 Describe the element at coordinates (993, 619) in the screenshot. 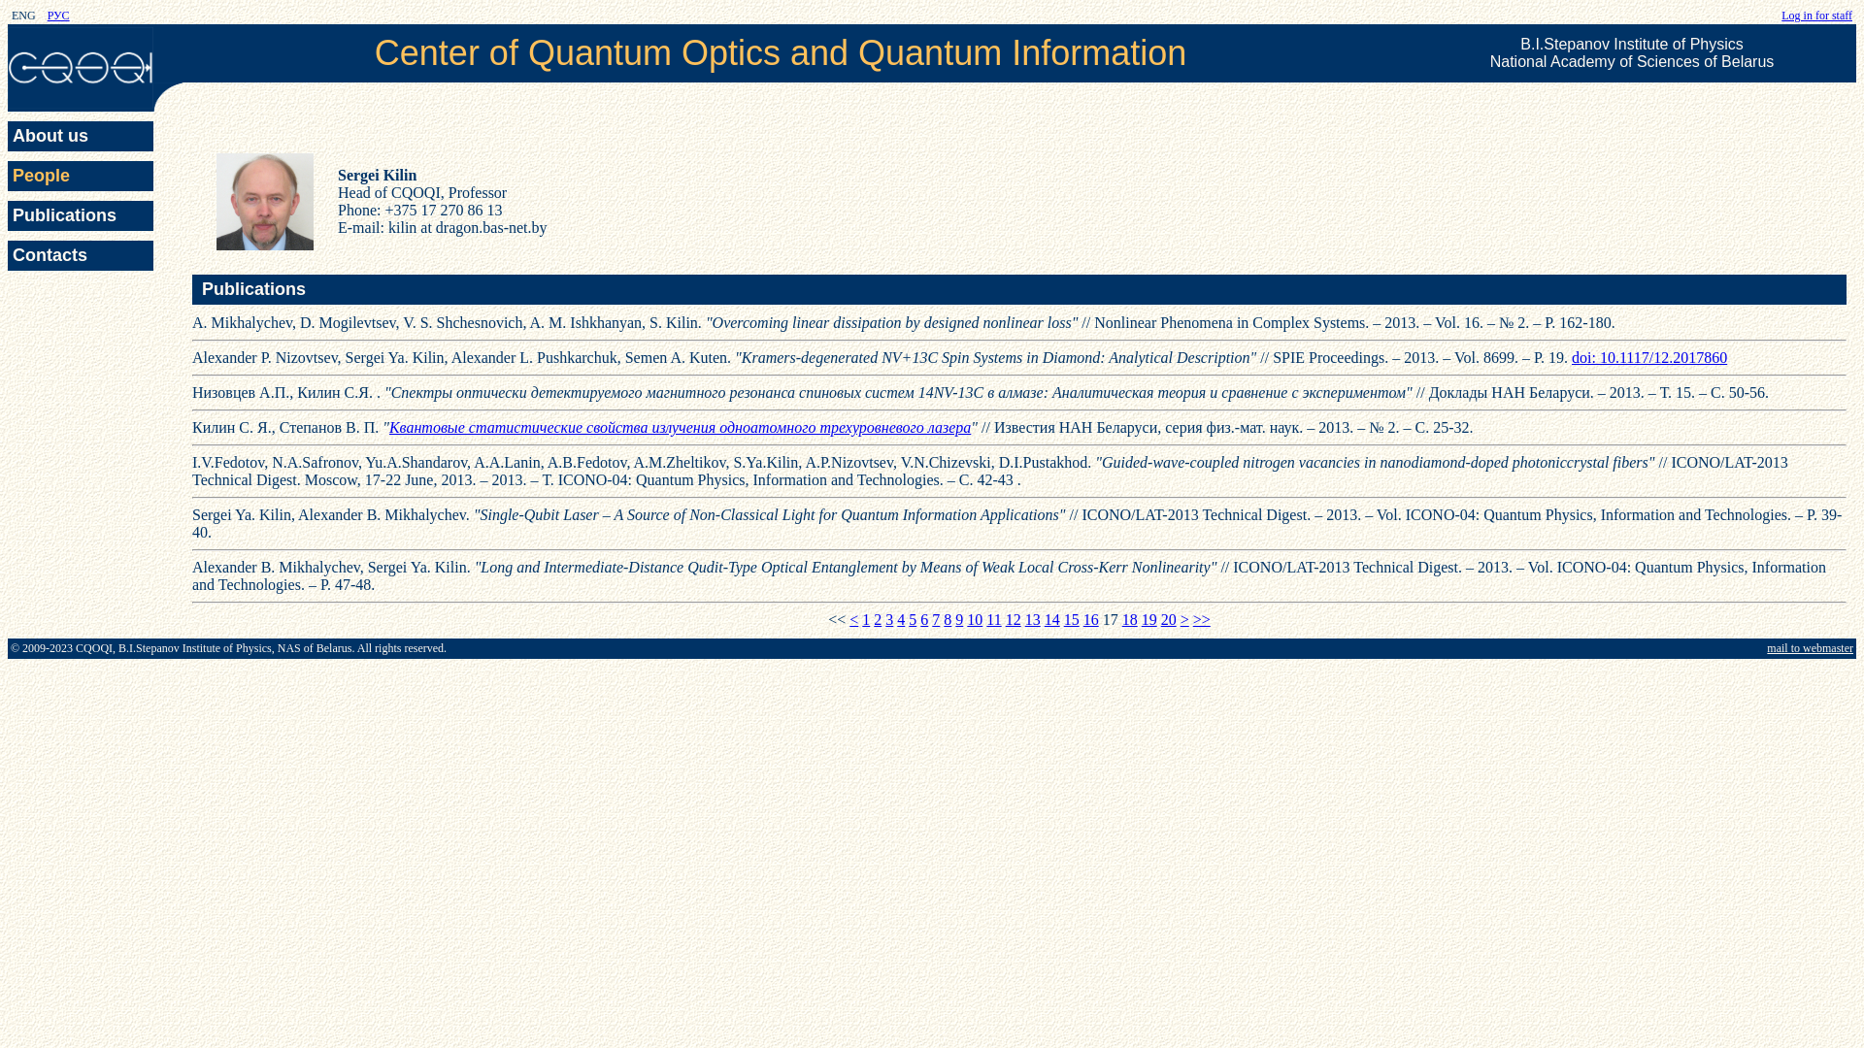

I see `'11'` at that location.